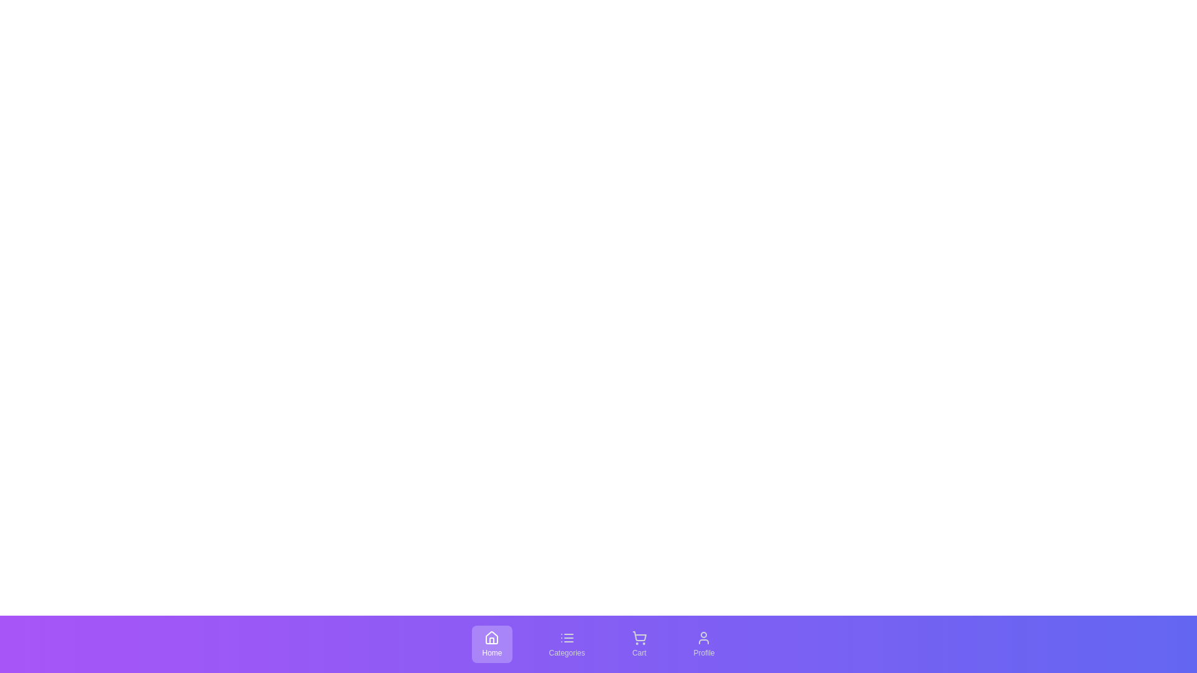 Image resolution: width=1197 pixels, height=673 pixels. What do you see at coordinates (566, 644) in the screenshot?
I see `the tab labeled Categories to see its hover effect` at bounding box center [566, 644].